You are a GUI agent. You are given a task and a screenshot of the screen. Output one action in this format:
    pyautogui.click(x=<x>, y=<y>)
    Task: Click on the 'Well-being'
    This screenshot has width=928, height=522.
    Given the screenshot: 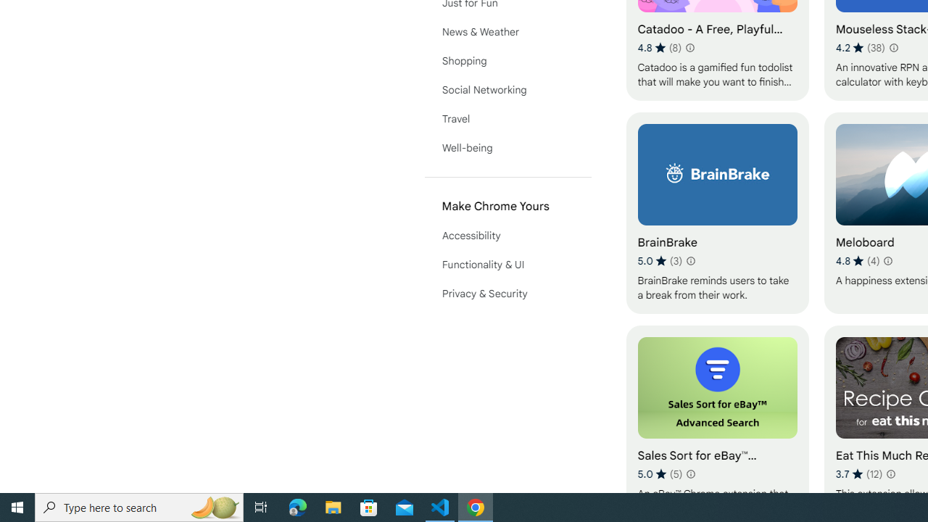 What is the action you would take?
    pyautogui.click(x=507, y=148)
    